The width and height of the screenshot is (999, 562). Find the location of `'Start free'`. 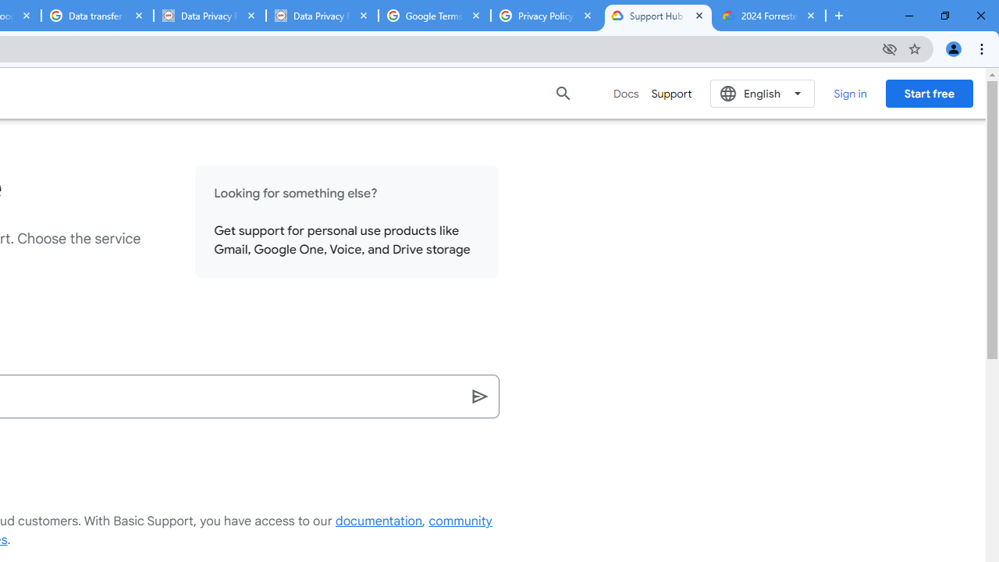

'Start free' is located at coordinates (929, 93).